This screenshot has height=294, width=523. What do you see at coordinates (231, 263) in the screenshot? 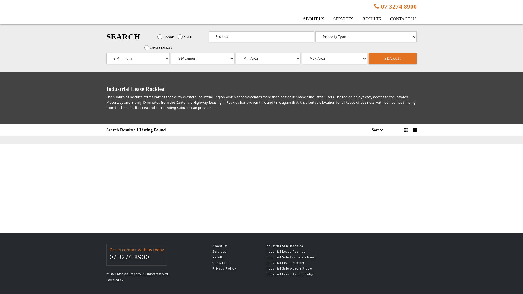
I see `'Contact Us'` at bounding box center [231, 263].